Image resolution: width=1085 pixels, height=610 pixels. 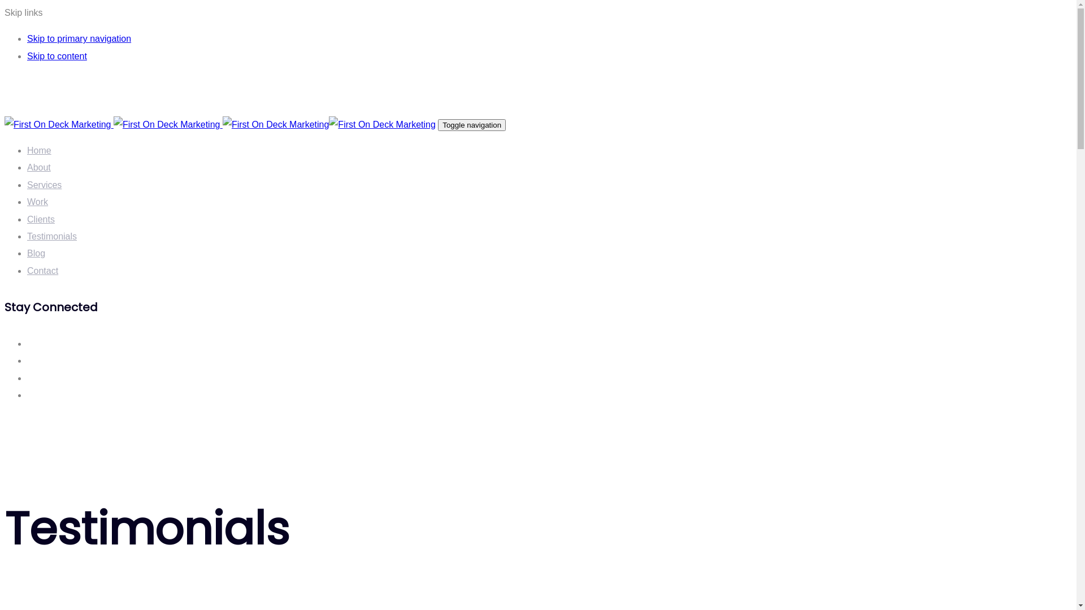 I want to click on 'Skip to primary navigation', so click(x=78, y=38).